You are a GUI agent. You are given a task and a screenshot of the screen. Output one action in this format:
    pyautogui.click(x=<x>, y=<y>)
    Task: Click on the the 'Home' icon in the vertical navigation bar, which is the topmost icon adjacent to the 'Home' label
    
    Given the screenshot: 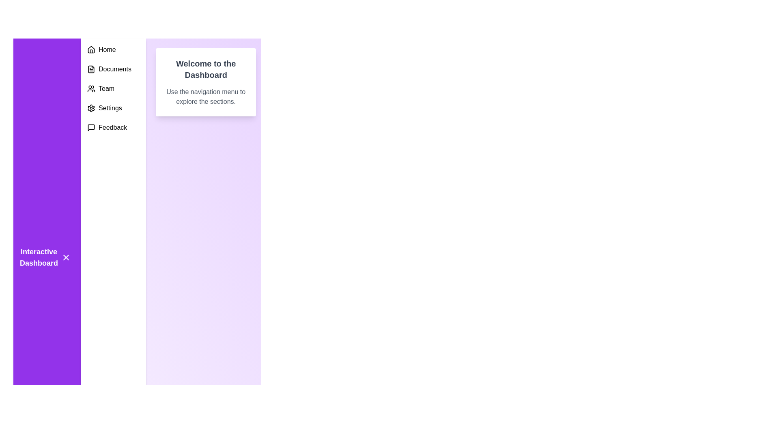 What is the action you would take?
    pyautogui.click(x=91, y=49)
    